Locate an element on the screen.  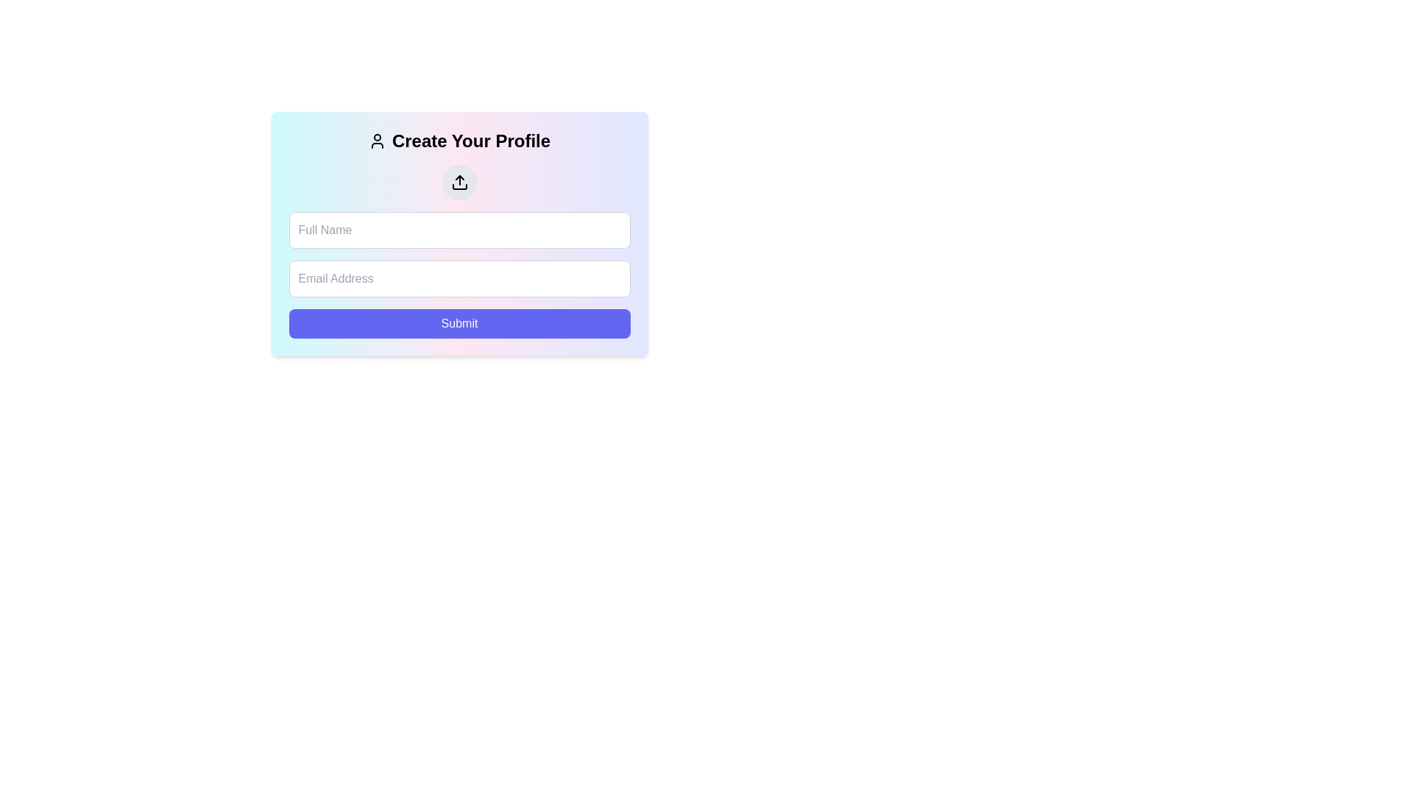
the submit button located at the bottom of the form, which is centered horizontally below the 'Full Name' and 'Email Address' input fields is located at coordinates (458, 322).